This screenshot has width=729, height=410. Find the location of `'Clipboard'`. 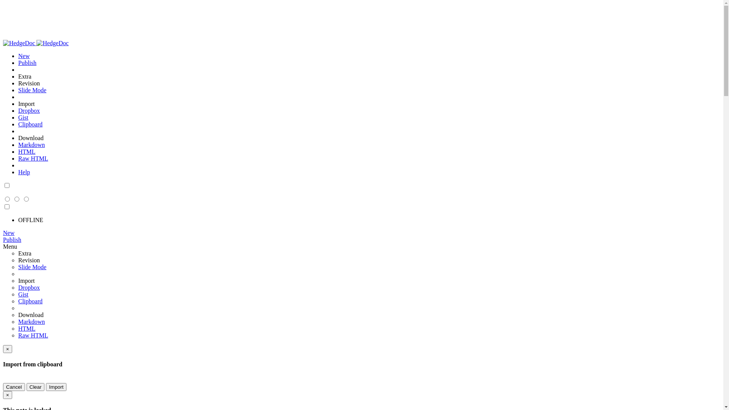

'Clipboard' is located at coordinates (30, 301).